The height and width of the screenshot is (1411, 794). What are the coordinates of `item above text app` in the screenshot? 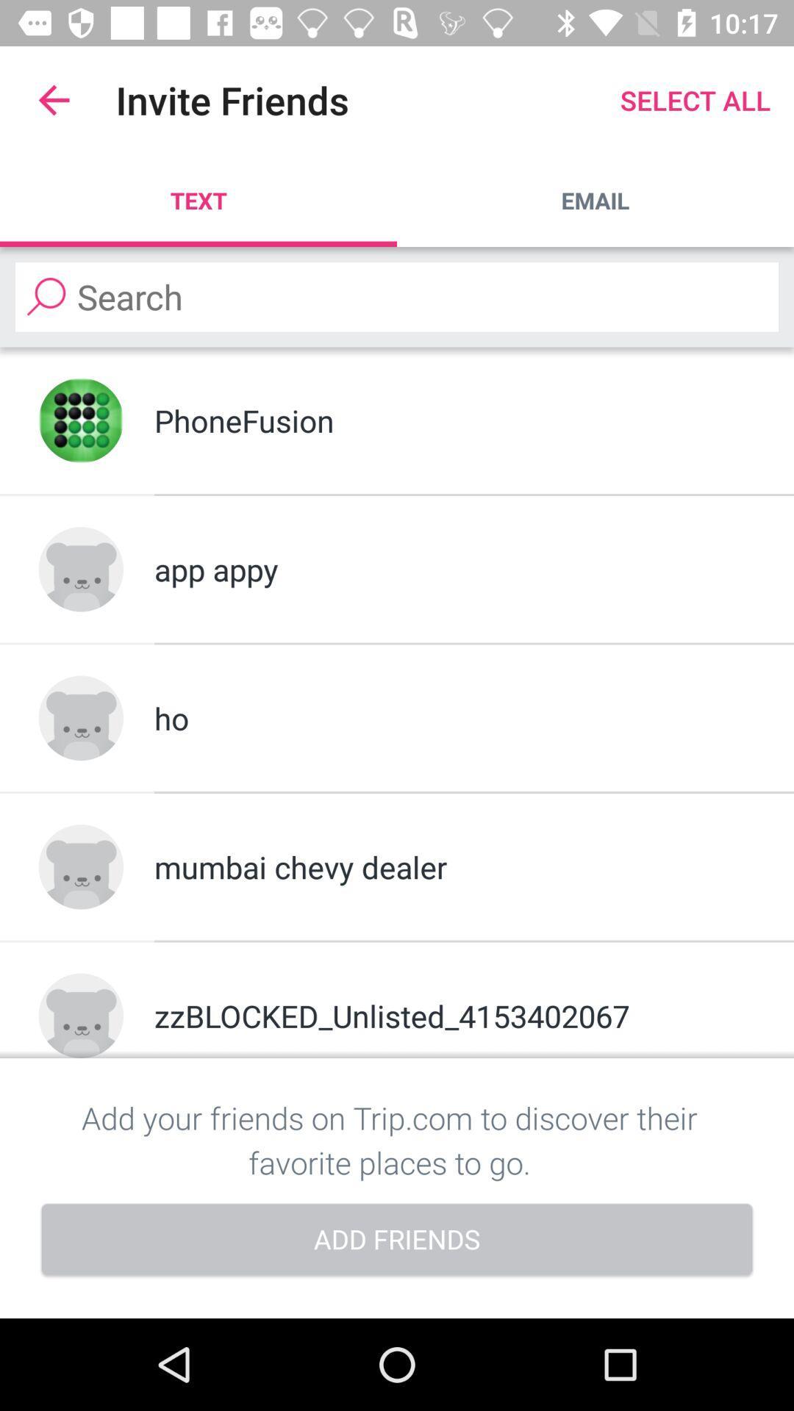 It's located at (53, 99).